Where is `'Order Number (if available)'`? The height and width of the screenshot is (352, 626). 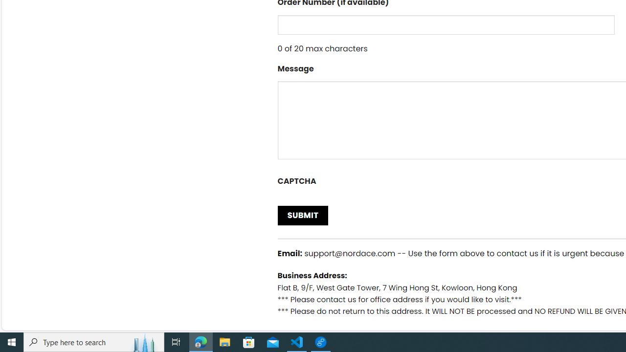
'Order Number (if available)' is located at coordinates (446, 24).